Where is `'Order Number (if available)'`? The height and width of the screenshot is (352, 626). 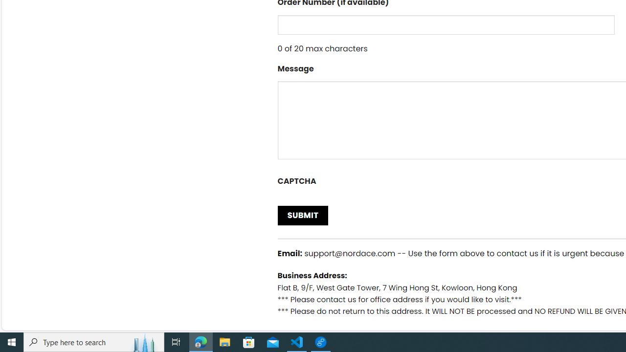
'Order Number (if available)' is located at coordinates (446, 24).